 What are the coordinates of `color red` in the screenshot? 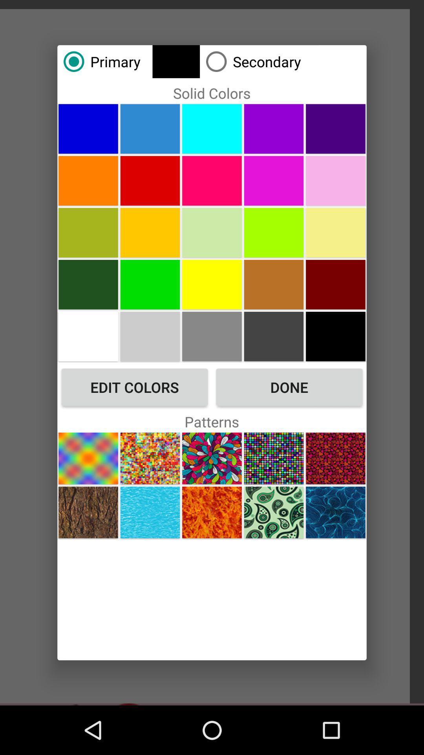 It's located at (150, 180).